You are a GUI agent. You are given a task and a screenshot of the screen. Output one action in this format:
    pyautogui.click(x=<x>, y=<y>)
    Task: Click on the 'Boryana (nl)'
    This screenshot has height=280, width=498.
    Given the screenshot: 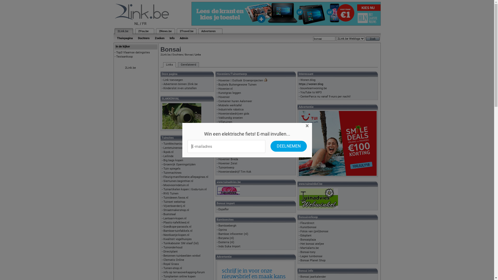 What is the action you would take?
    pyautogui.click(x=226, y=238)
    